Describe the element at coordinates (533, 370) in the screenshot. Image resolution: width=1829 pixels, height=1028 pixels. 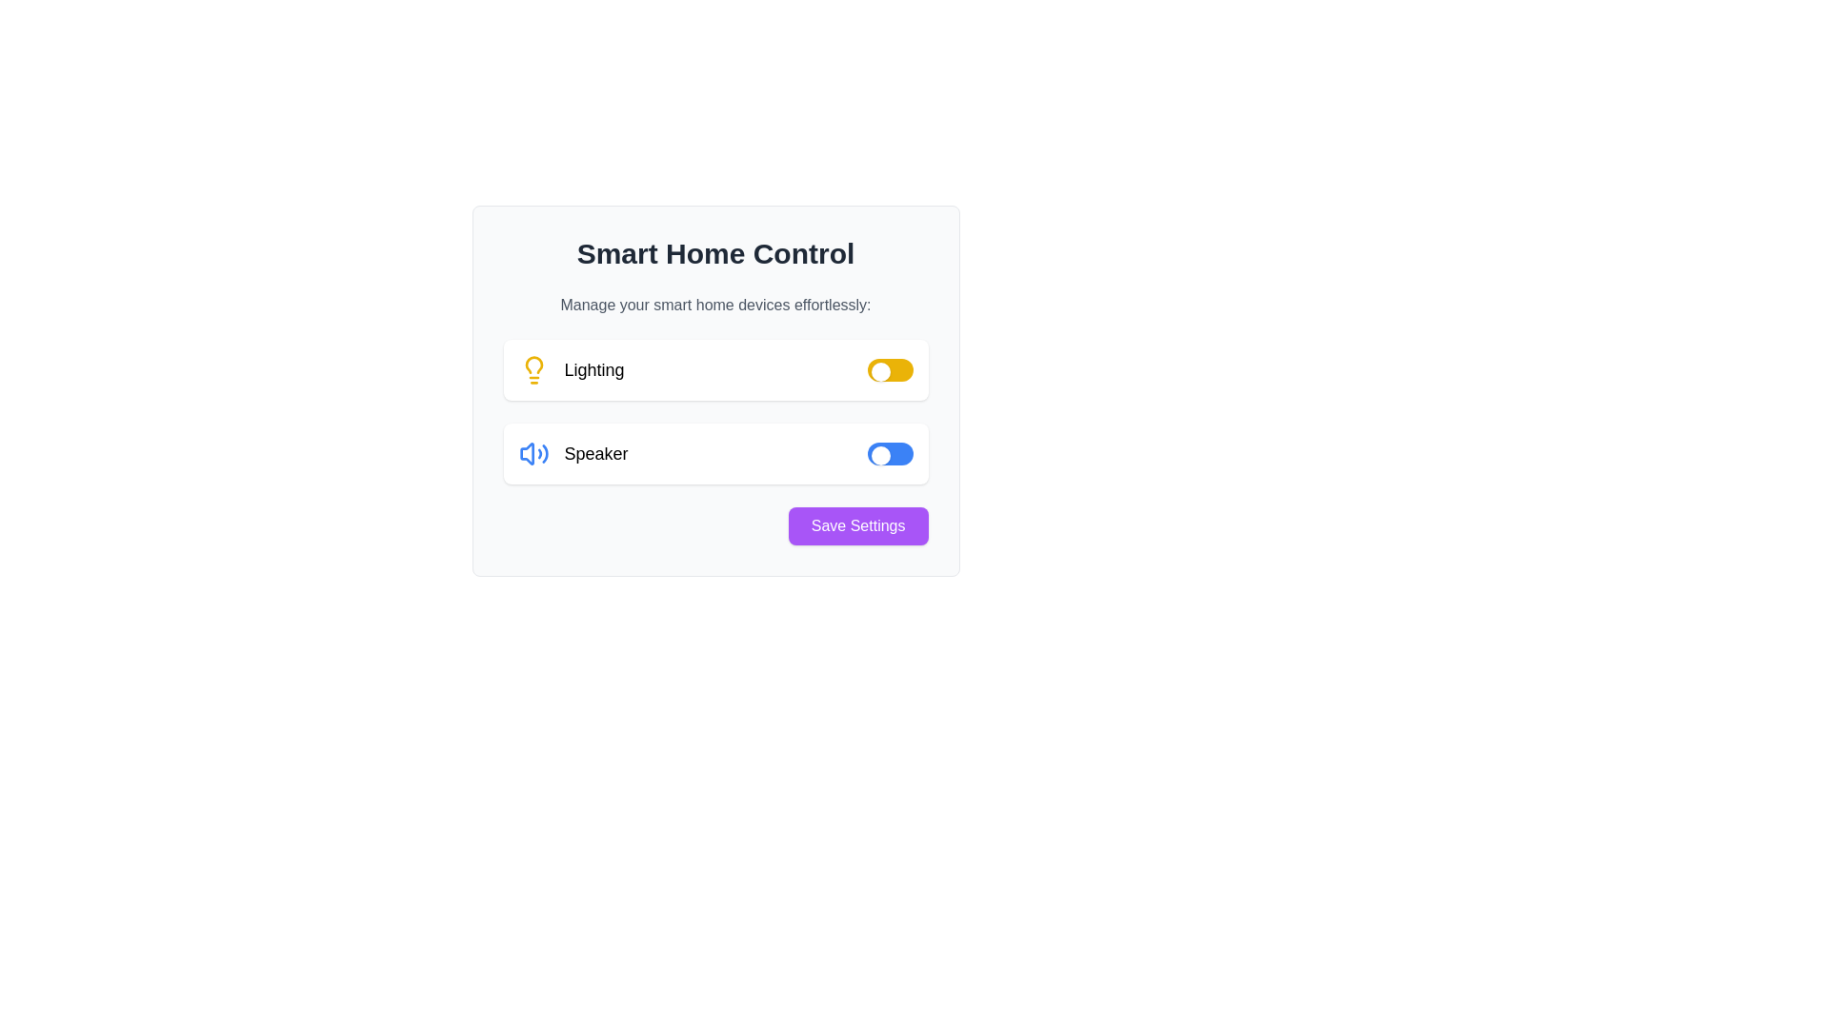
I see `the yellow lightbulb icon representing the 'Lighting' label, which is located to the left of the text label 'Lighting' in the first row of the main 'Smart Home Control' layout` at that location.